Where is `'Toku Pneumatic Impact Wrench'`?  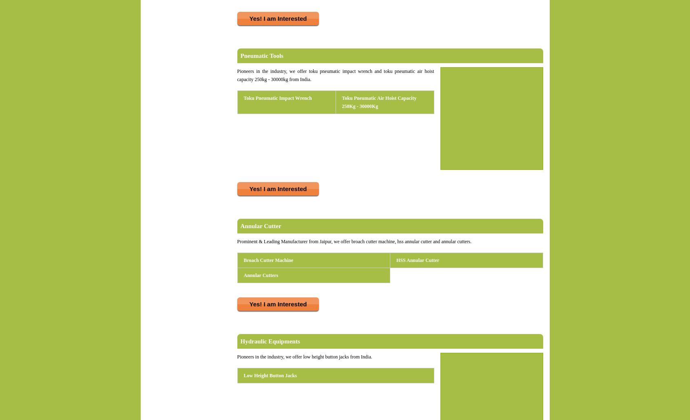
'Toku Pneumatic Impact Wrench' is located at coordinates (277, 98).